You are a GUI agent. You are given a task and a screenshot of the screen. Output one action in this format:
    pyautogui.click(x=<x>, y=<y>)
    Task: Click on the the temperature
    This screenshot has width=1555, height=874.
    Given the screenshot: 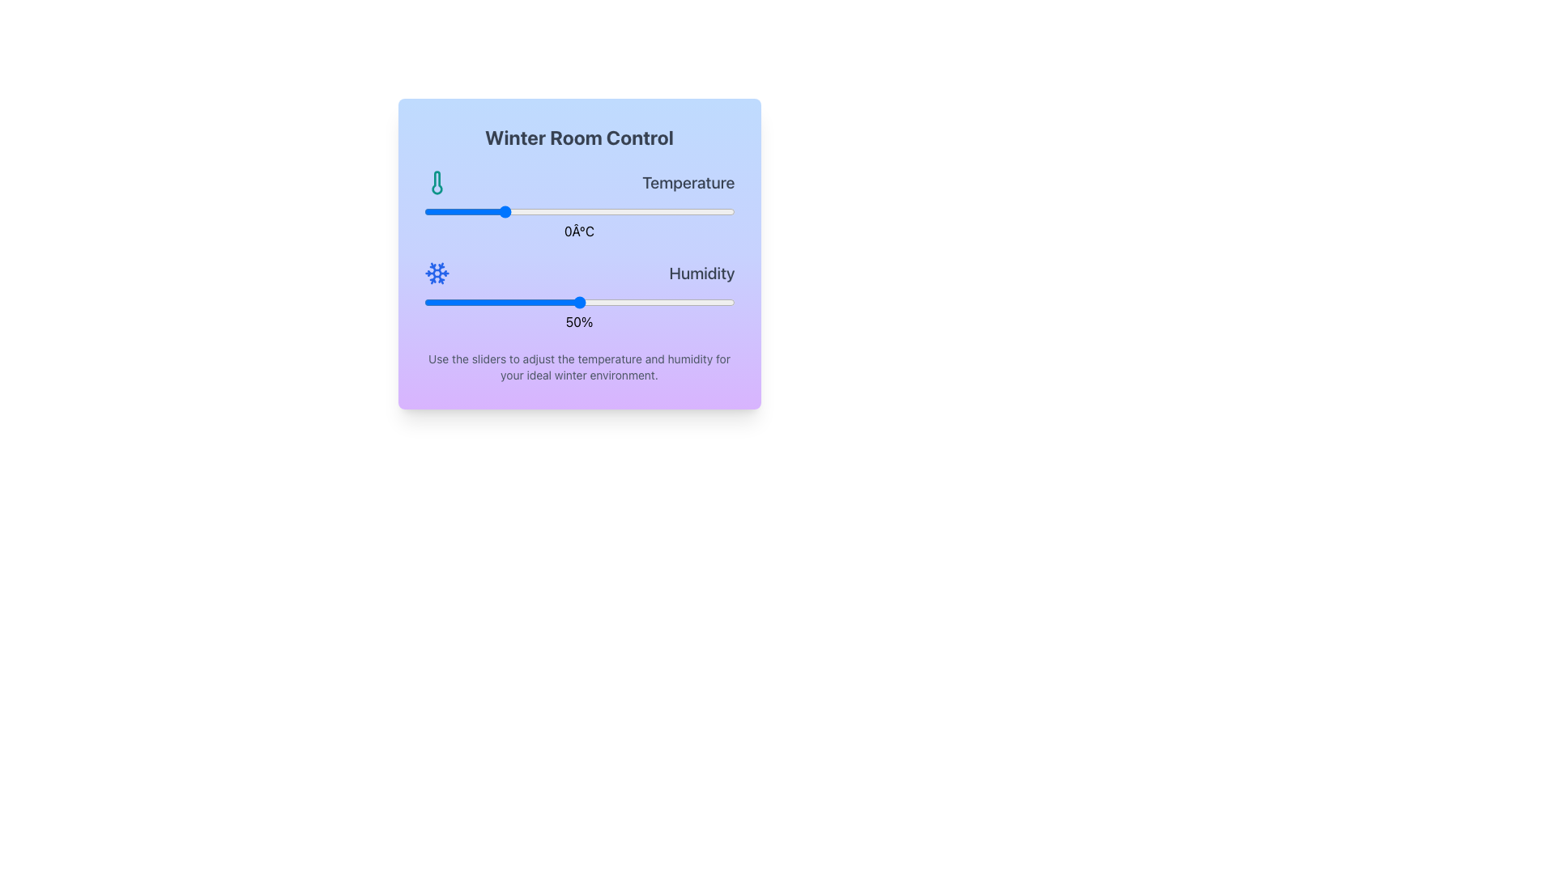 What is the action you would take?
    pyautogui.click(x=447, y=211)
    